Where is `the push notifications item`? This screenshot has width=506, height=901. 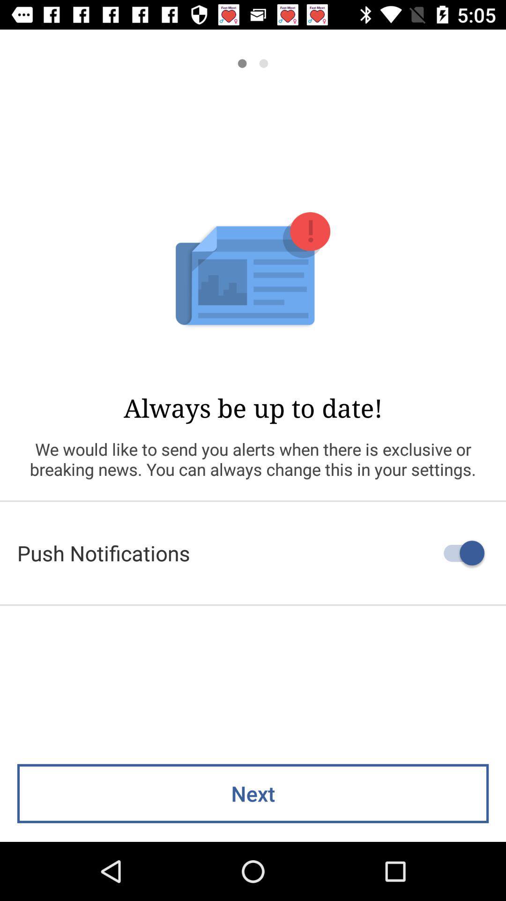
the push notifications item is located at coordinates (253, 553).